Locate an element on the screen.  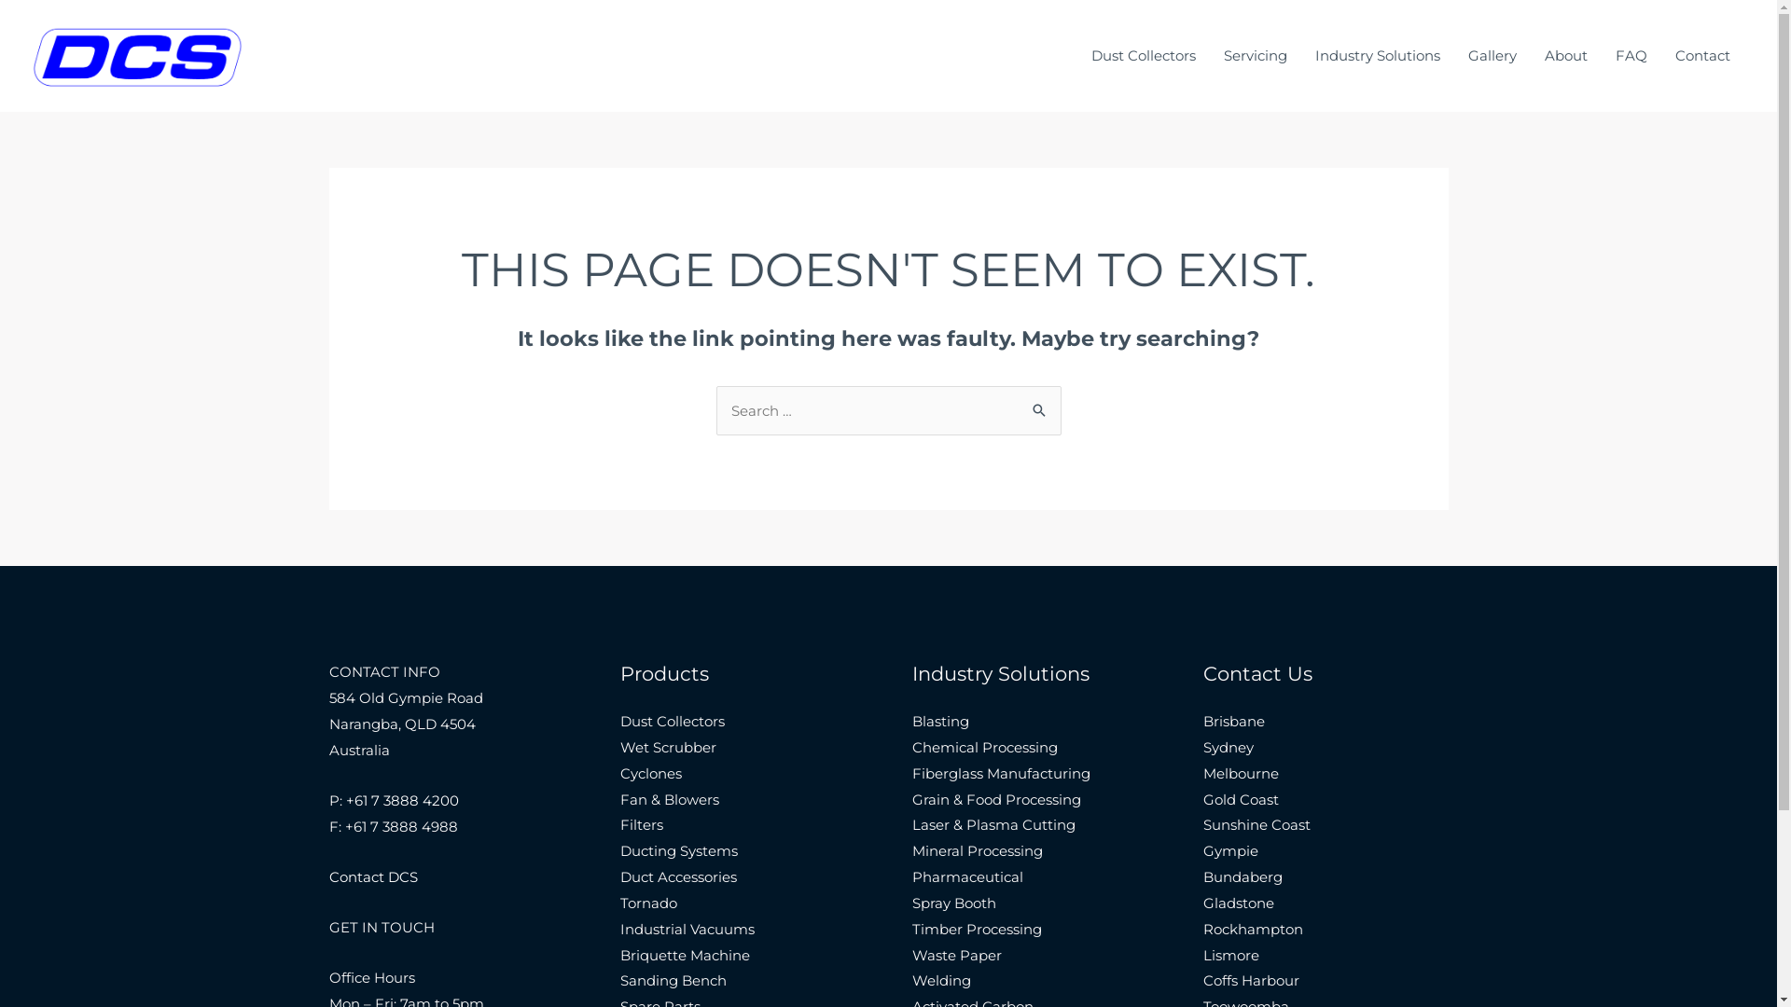
'Wet Scrubber' is located at coordinates (668, 746).